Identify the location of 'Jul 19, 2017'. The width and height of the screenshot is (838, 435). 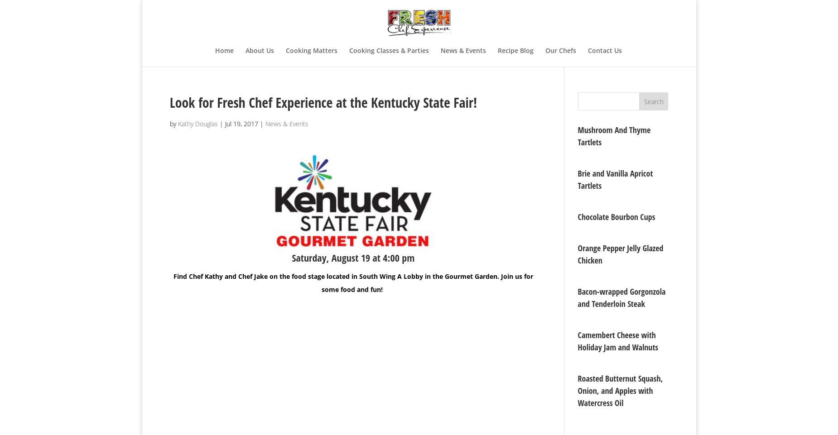
(241, 124).